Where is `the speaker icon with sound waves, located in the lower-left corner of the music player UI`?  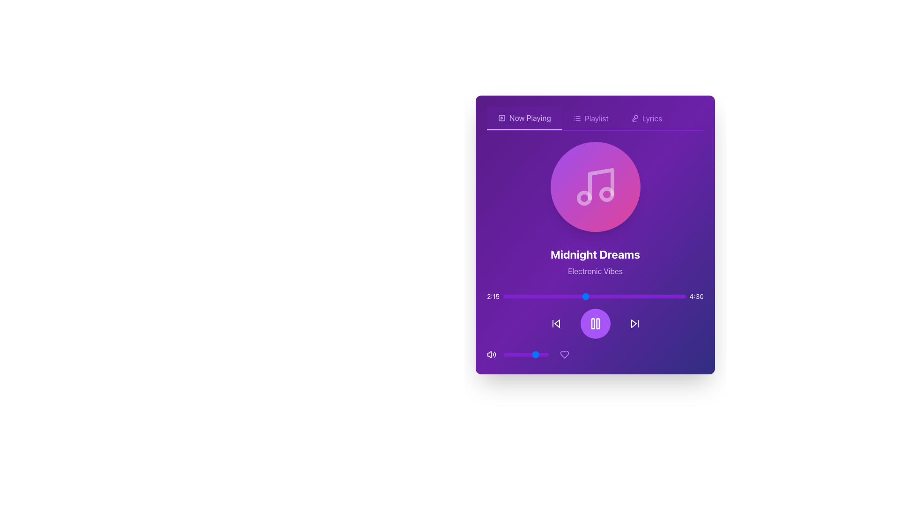
the speaker icon with sound waves, located in the lower-left corner of the music player UI is located at coordinates (491, 354).